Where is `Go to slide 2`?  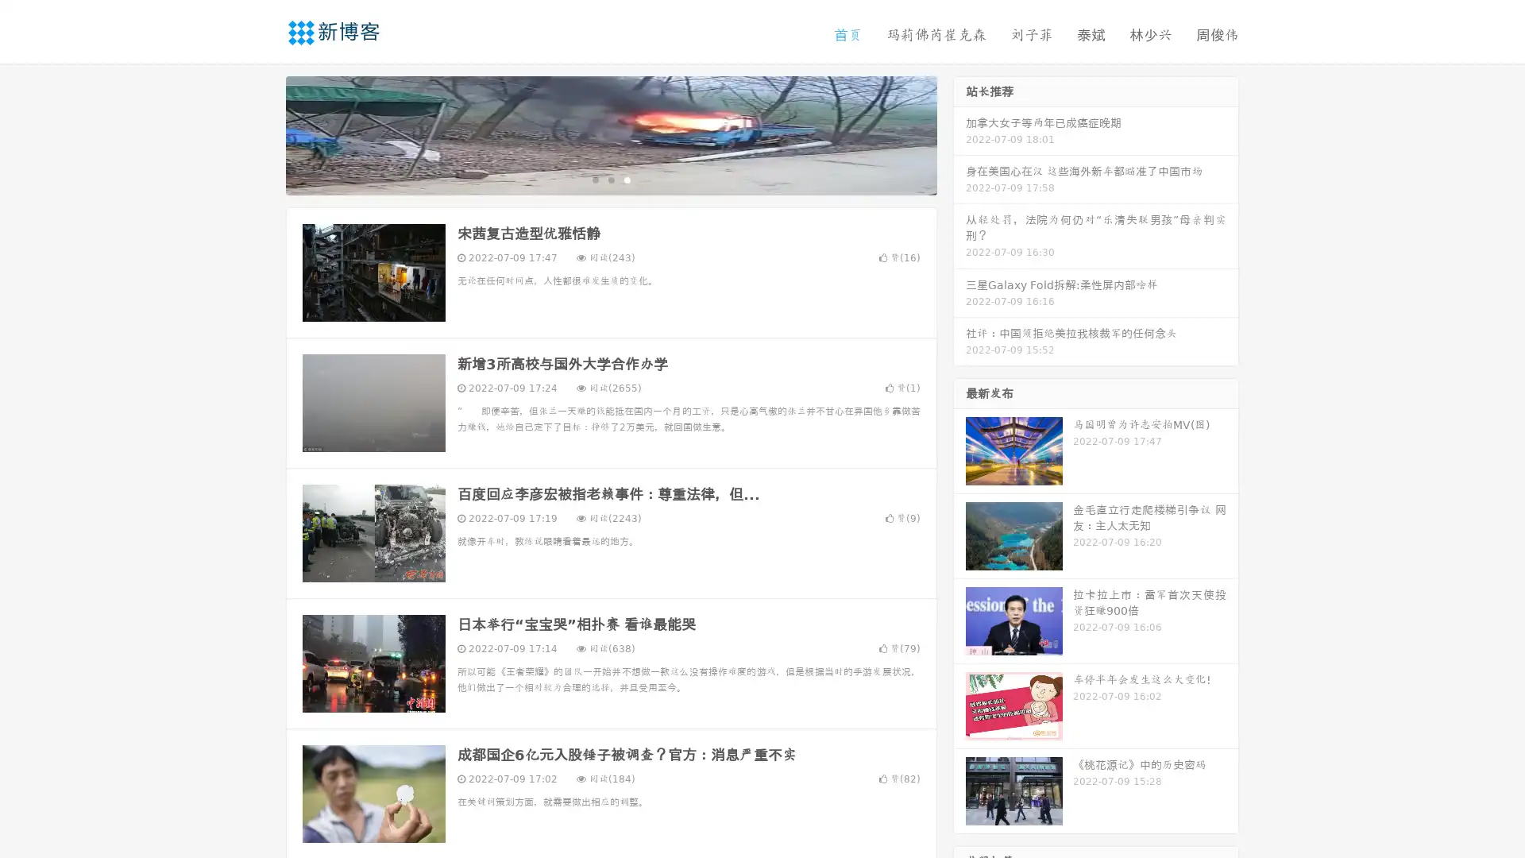 Go to slide 2 is located at coordinates (610, 179).